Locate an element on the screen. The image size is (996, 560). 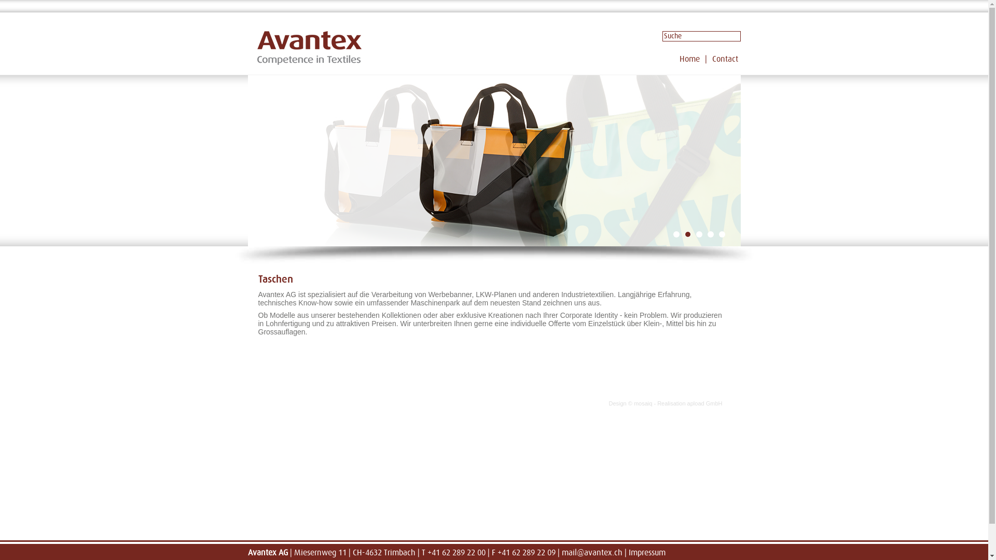
'Home' is located at coordinates (680, 59).